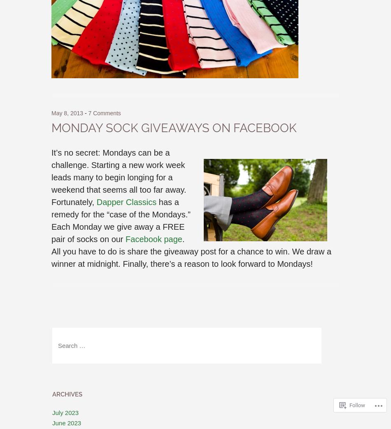  I want to click on 'June 2023', so click(66, 423).